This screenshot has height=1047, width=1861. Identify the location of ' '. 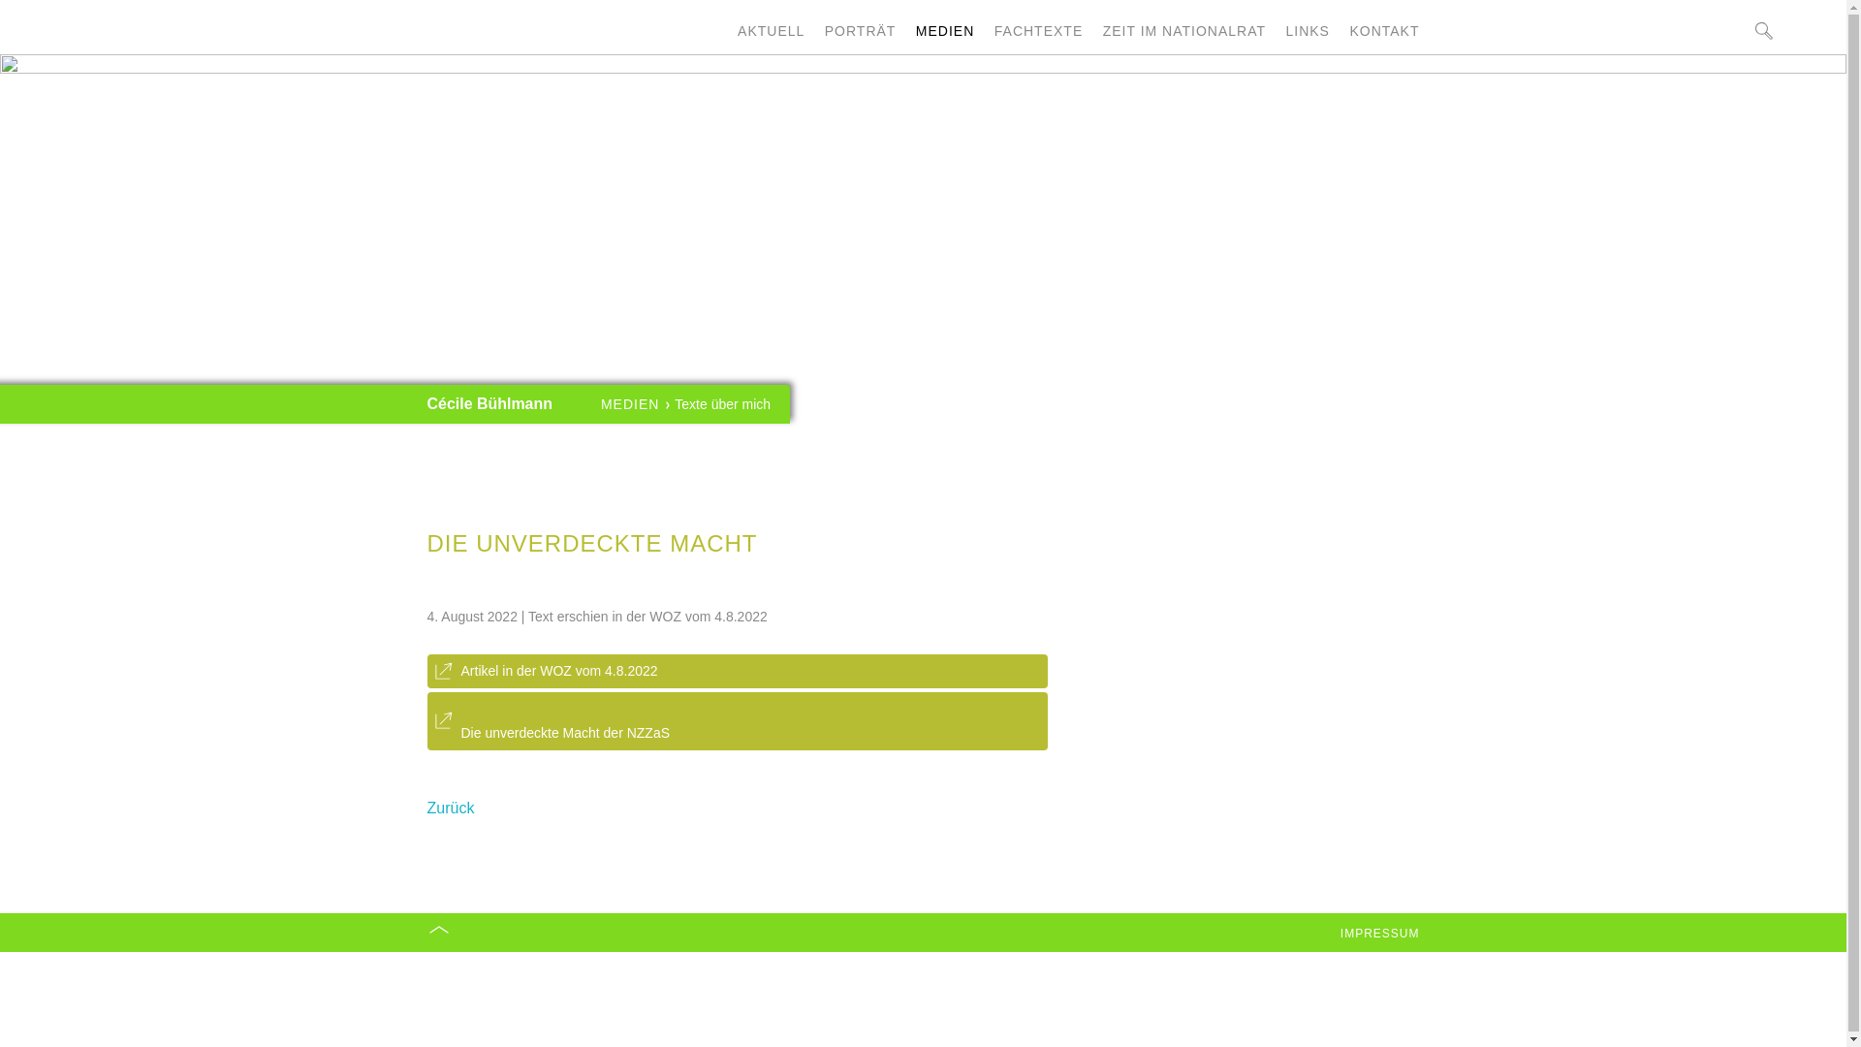
(74, 53).